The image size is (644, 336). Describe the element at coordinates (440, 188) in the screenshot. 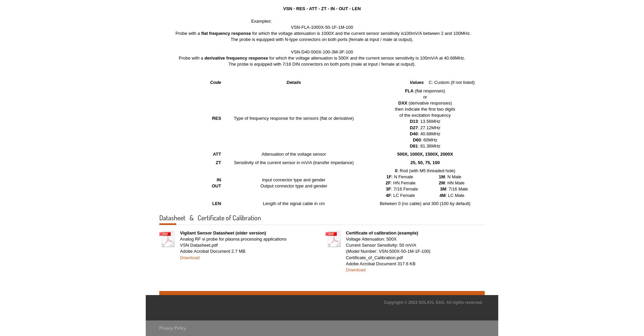

I see `'3M'` at that location.